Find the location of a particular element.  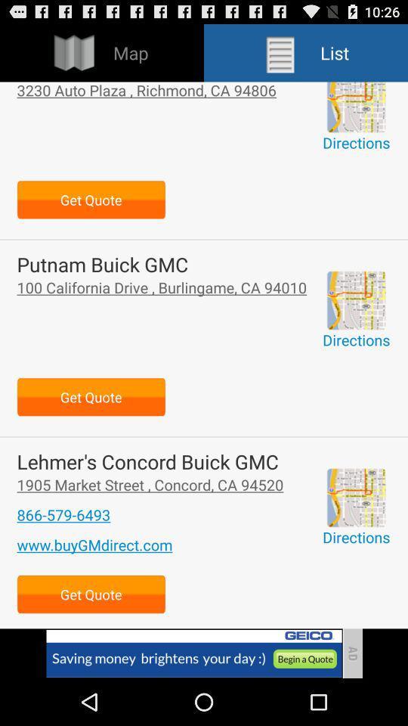

advertisement is located at coordinates (193, 653).